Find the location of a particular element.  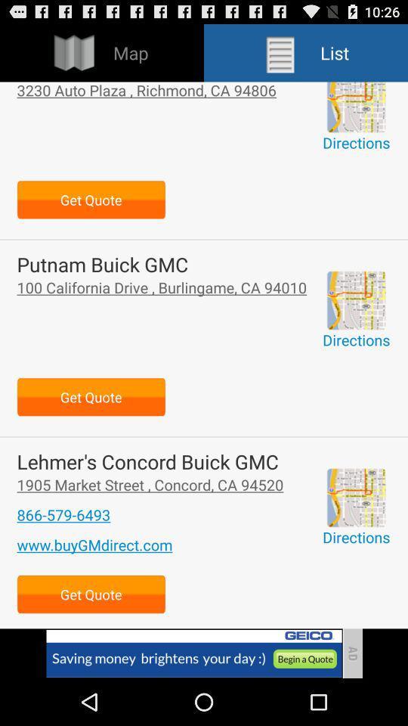

advertisement is located at coordinates (193, 653).